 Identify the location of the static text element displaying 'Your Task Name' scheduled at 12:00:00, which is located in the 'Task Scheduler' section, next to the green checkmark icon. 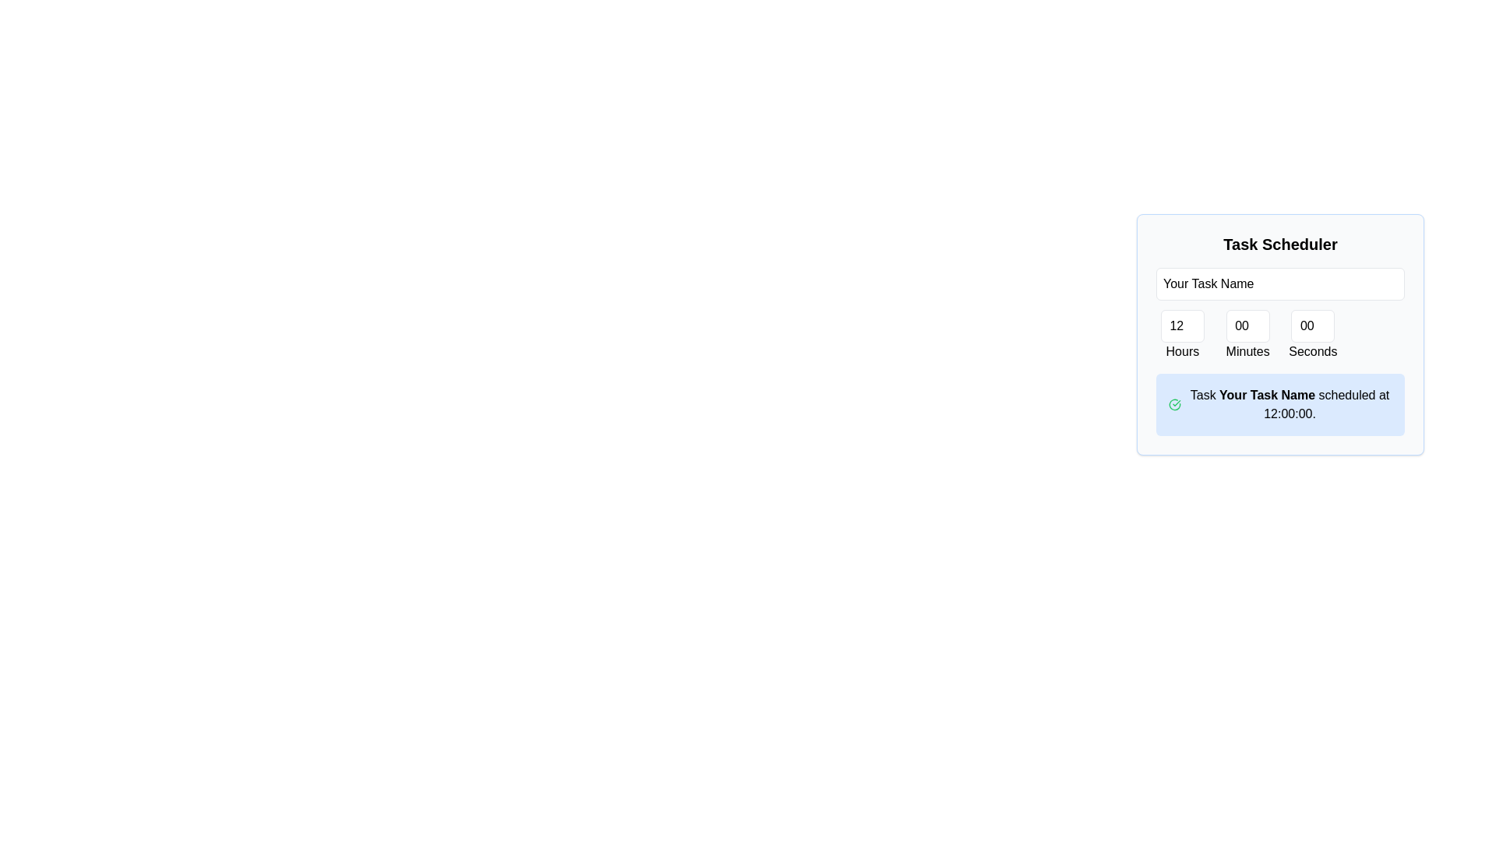
(1290, 404).